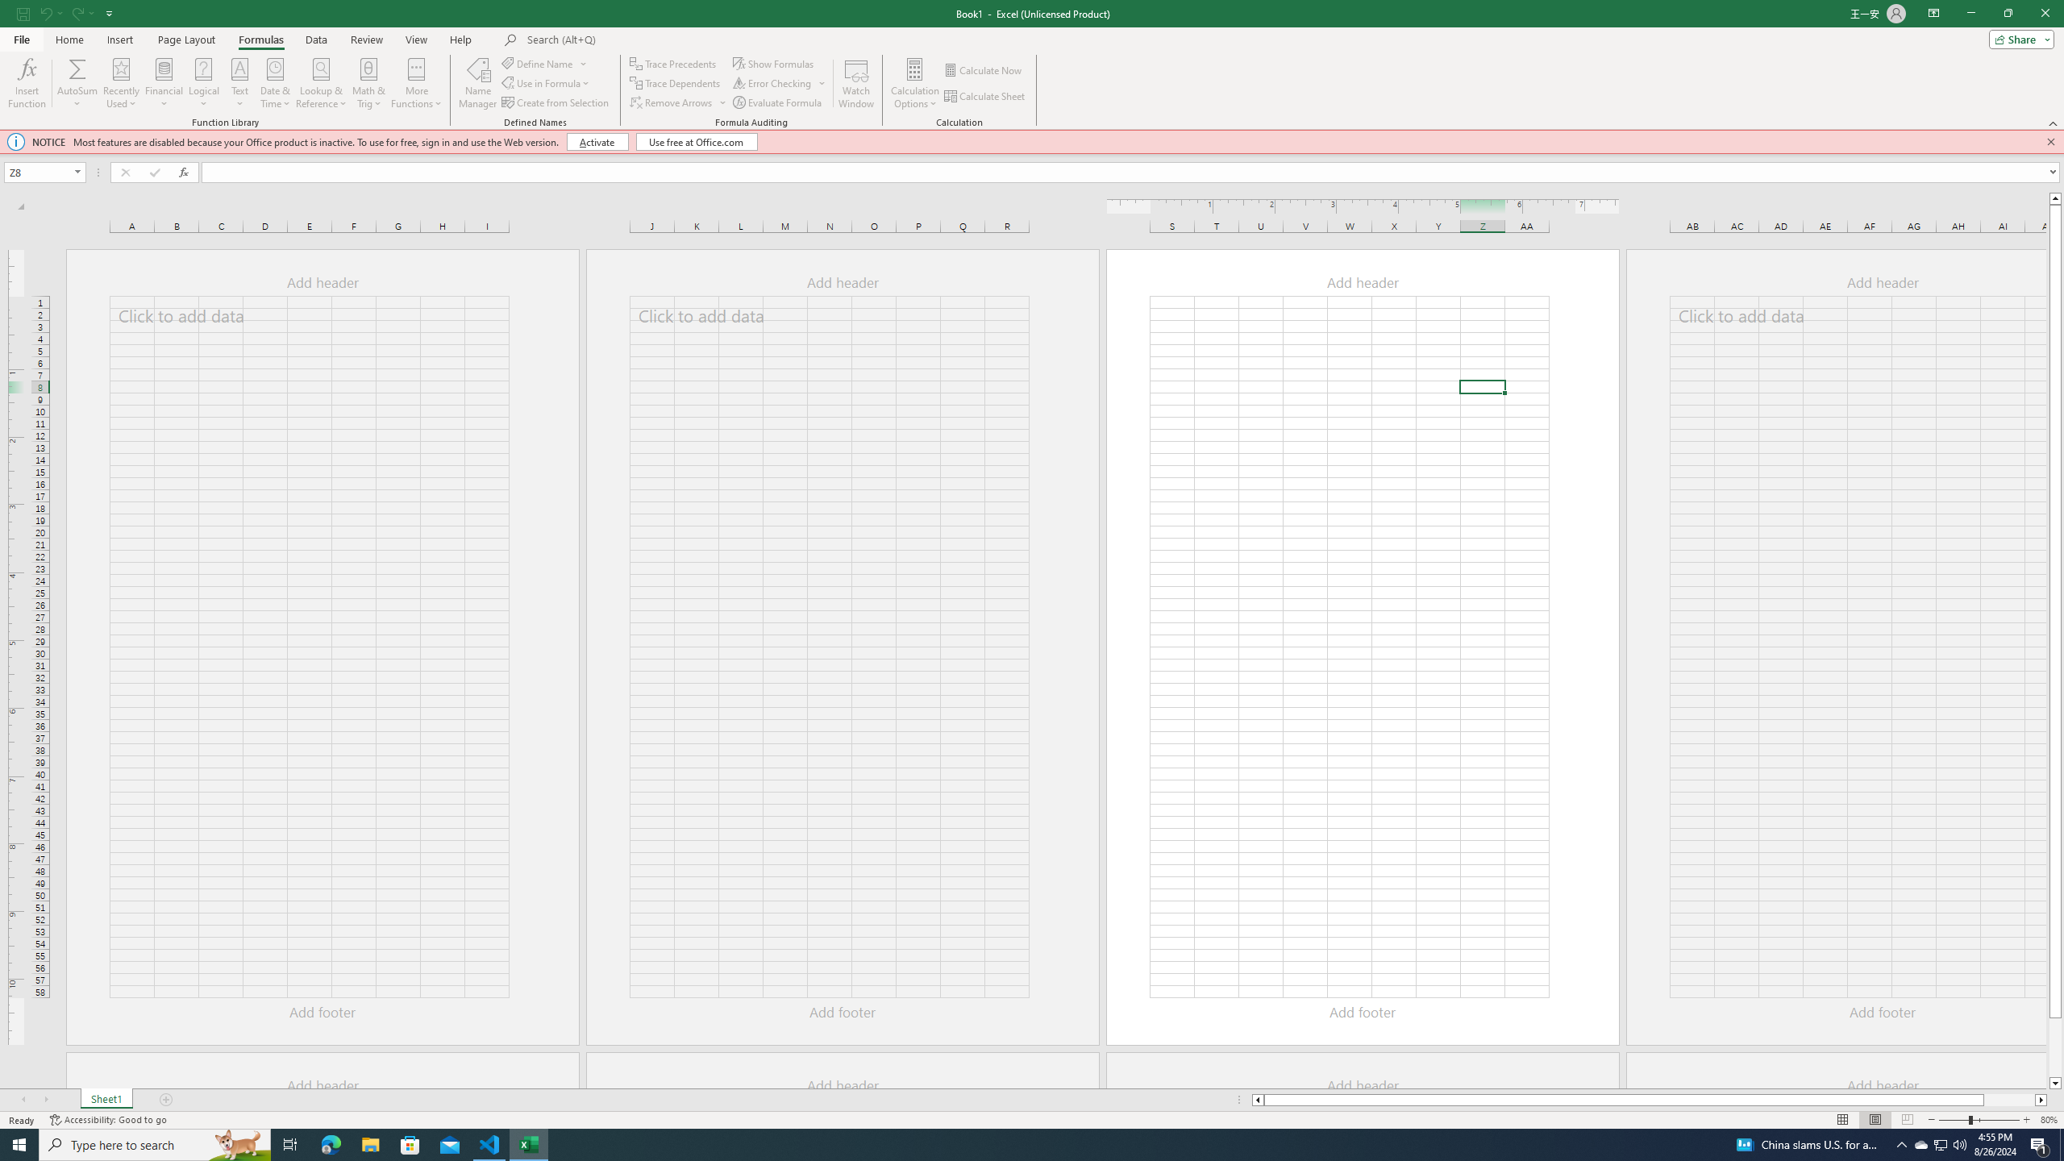 The image size is (2064, 1161). I want to click on 'Watch Window', so click(855, 83).